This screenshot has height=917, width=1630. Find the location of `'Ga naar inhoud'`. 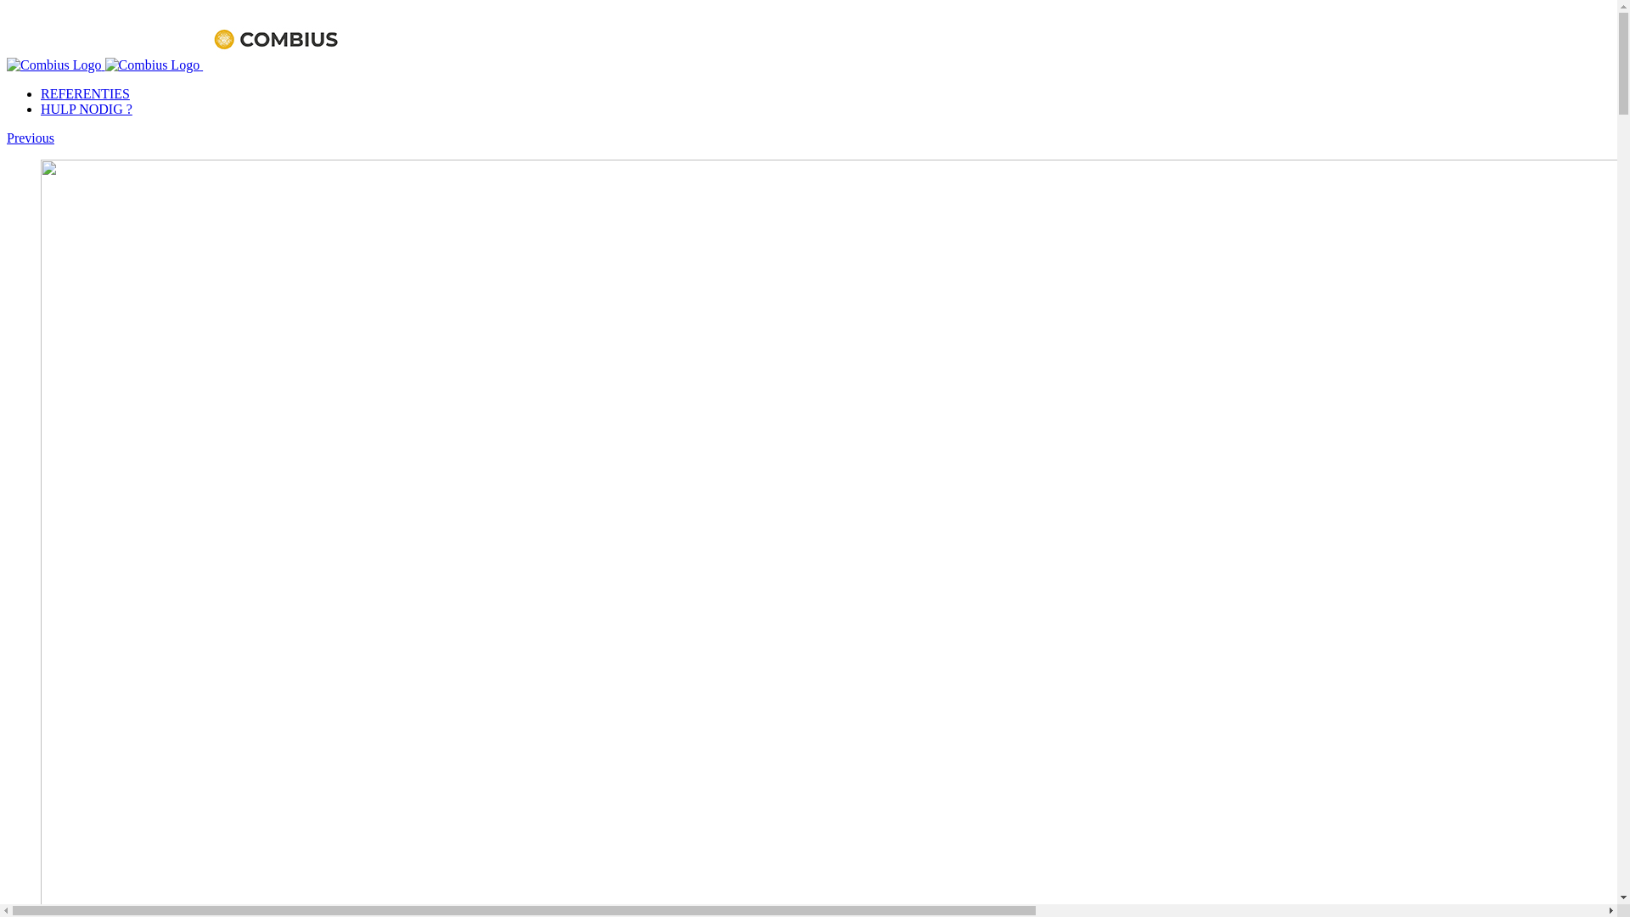

'Ga naar inhoud' is located at coordinates (6, 6).